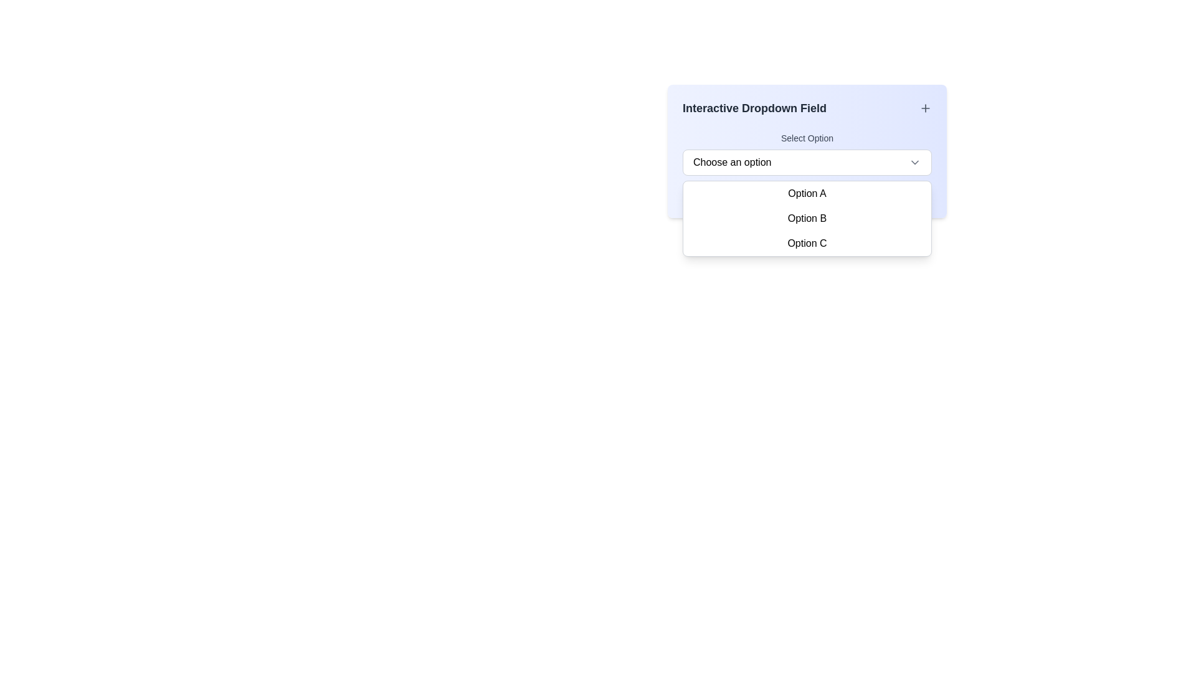  I want to click on the dropdown menu option displaying 'Option B', so click(807, 218).